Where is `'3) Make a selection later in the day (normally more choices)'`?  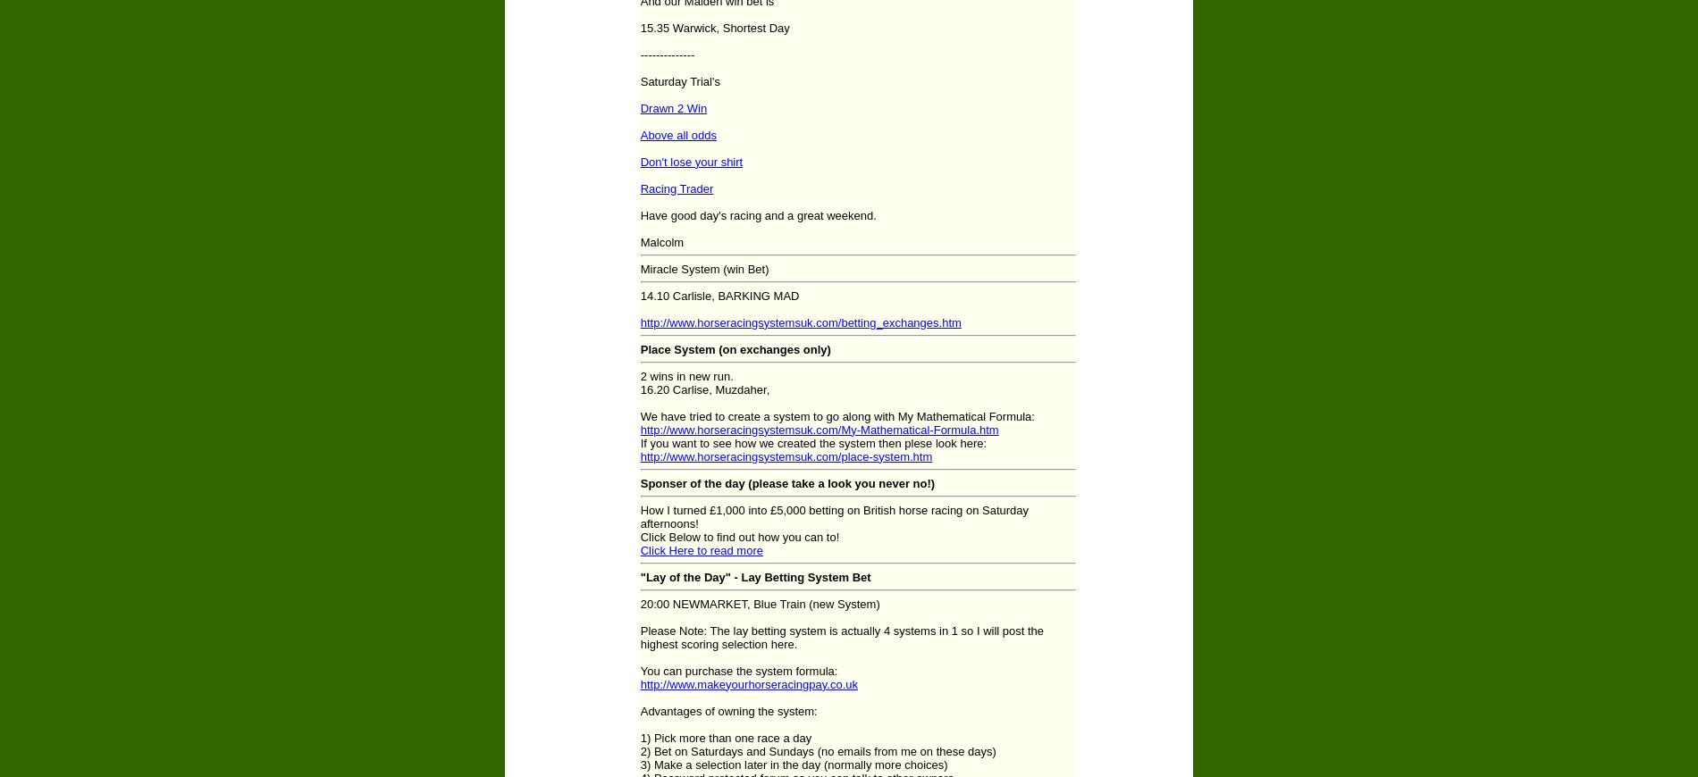
'3) Make a selection later in the day (normally more choices)' is located at coordinates (793, 764).